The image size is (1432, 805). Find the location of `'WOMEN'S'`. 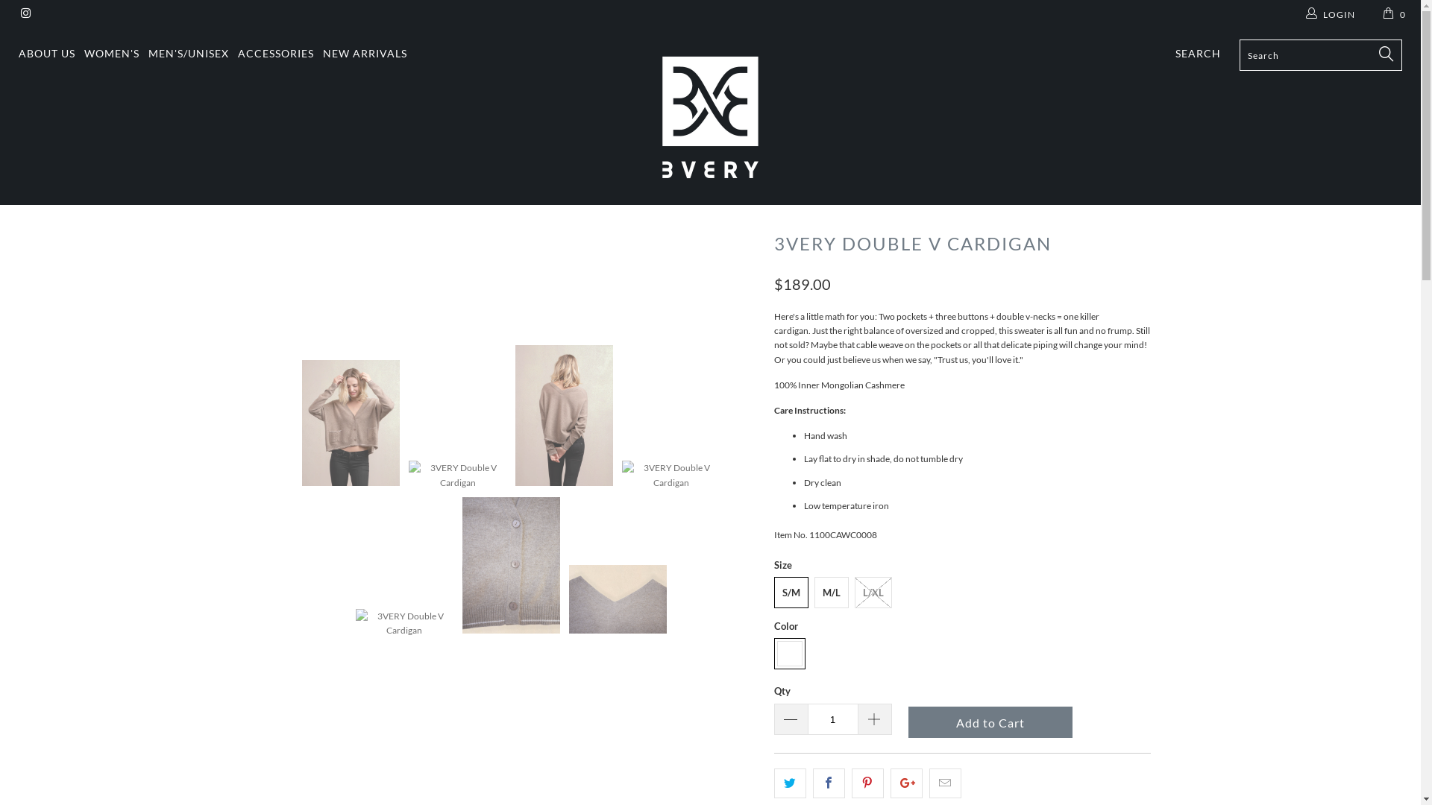

'WOMEN'S' is located at coordinates (110, 53).